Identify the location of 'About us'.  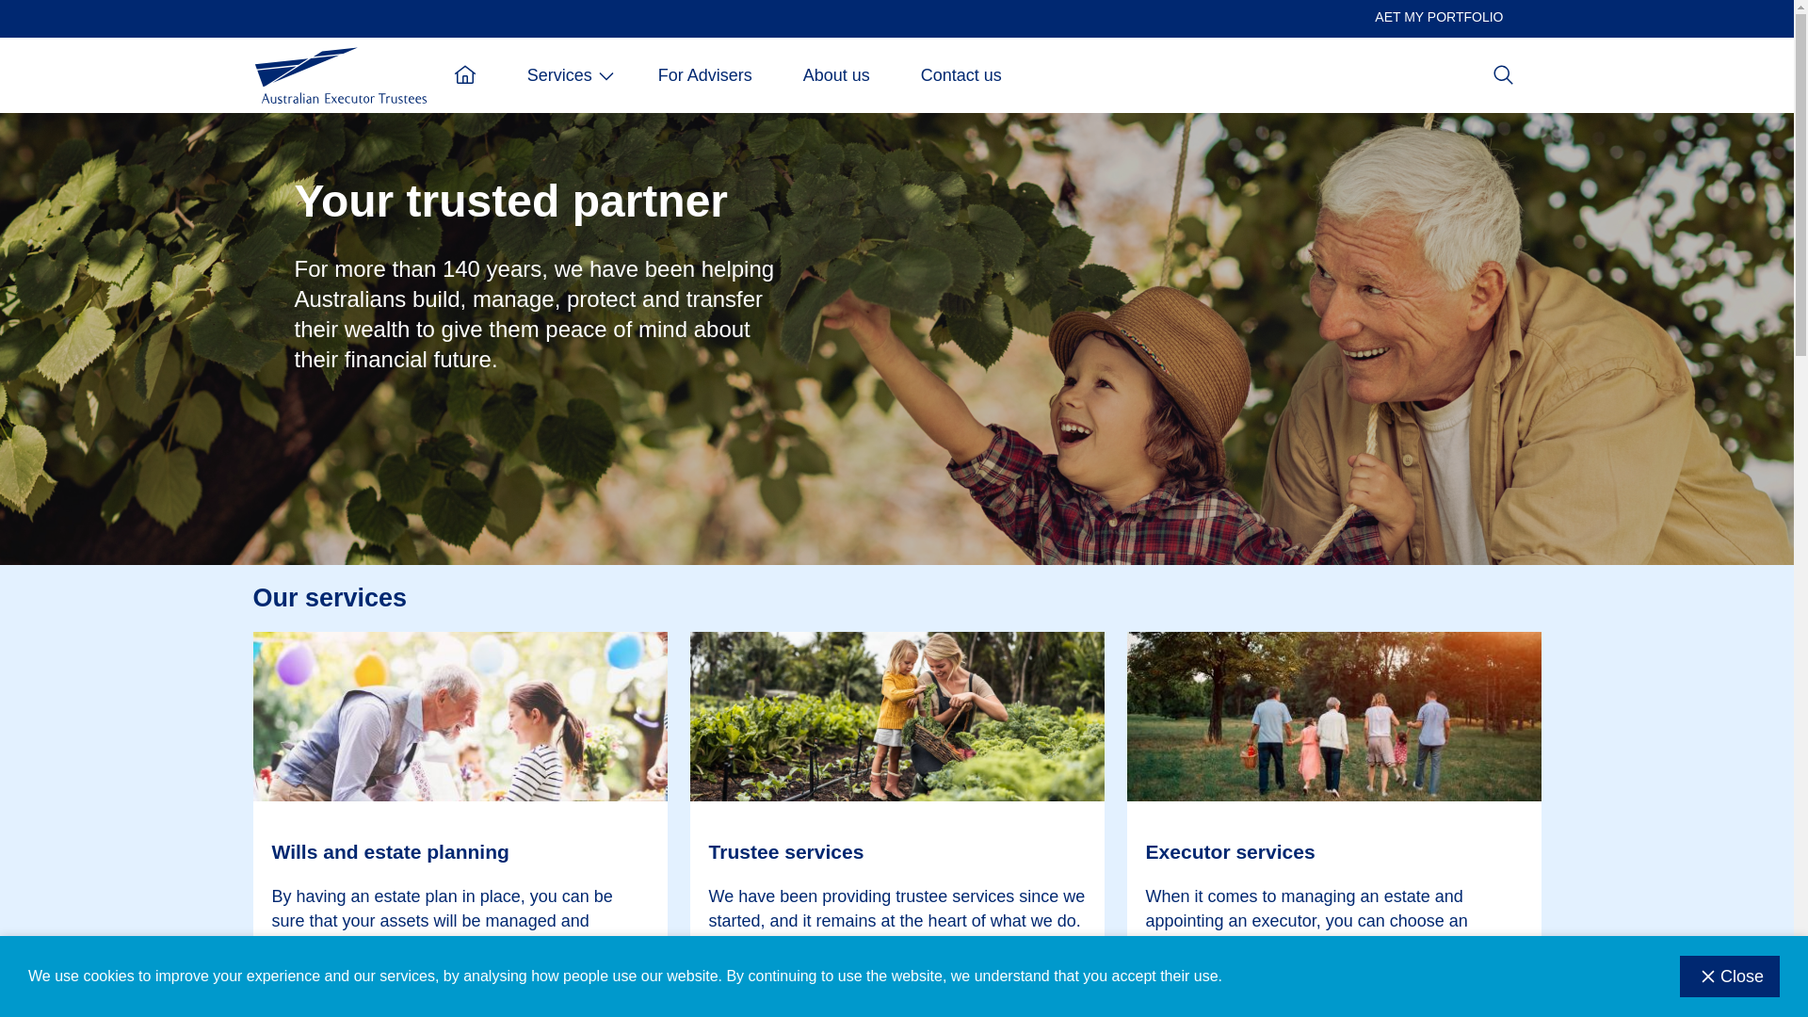
(835, 74).